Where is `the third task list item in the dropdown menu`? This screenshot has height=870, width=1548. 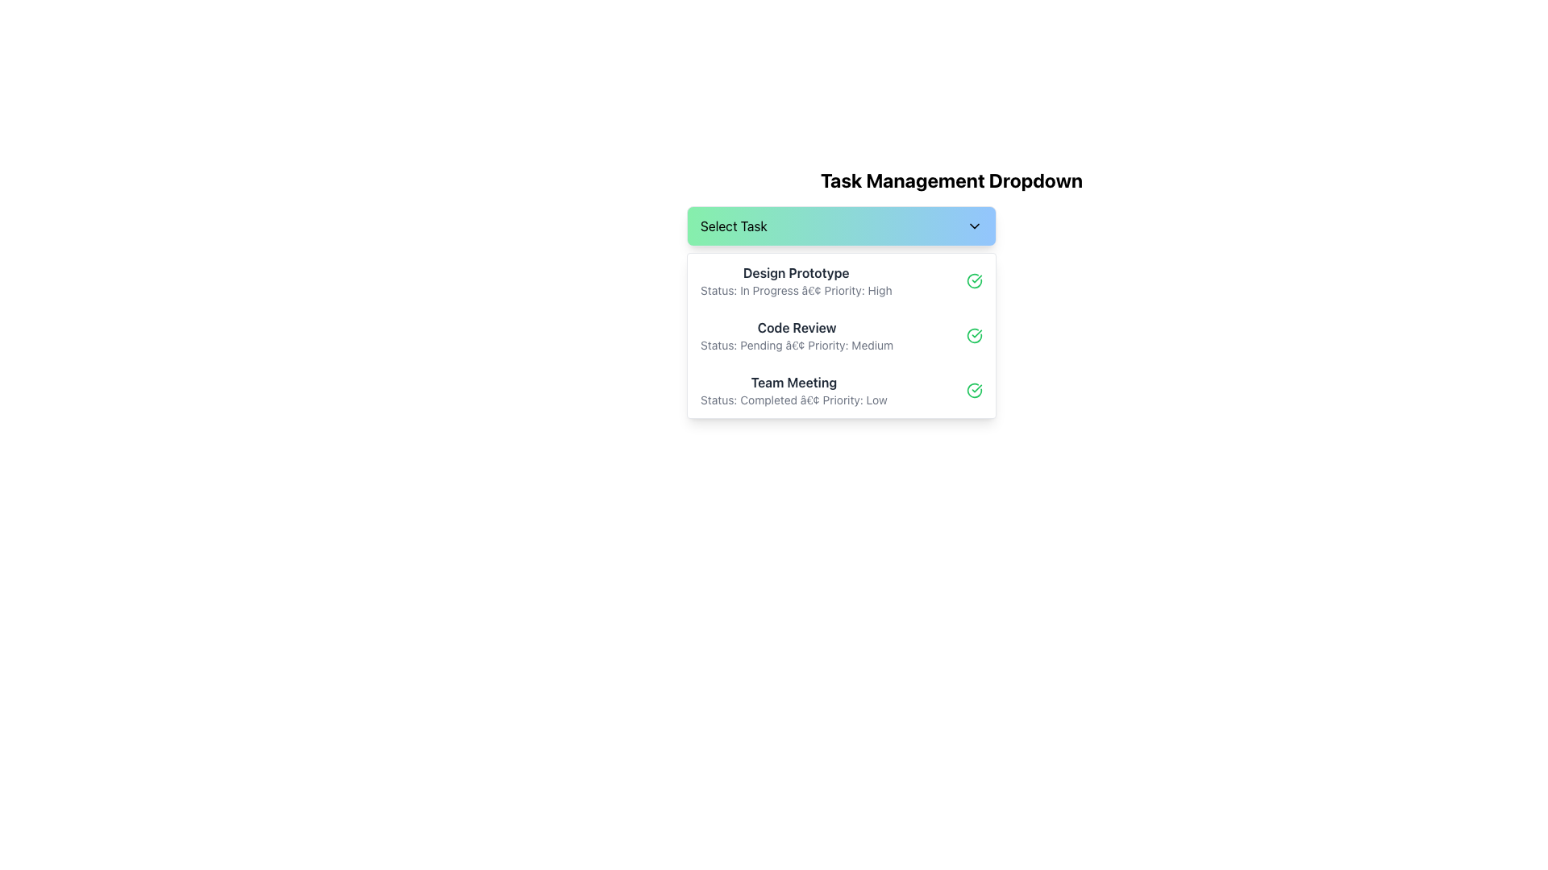 the third task list item in the dropdown menu is located at coordinates (840, 391).